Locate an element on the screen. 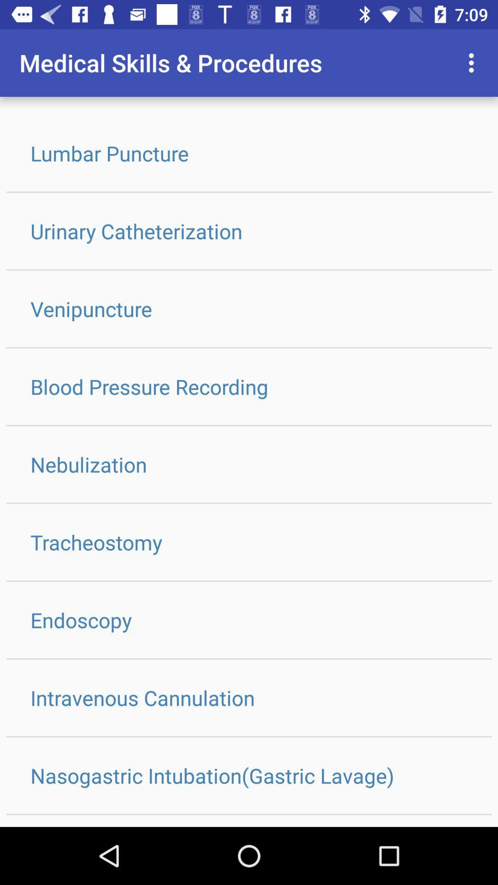 The height and width of the screenshot is (885, 498). the item below the lumbar puncture item is located at coordinates (249, 231).